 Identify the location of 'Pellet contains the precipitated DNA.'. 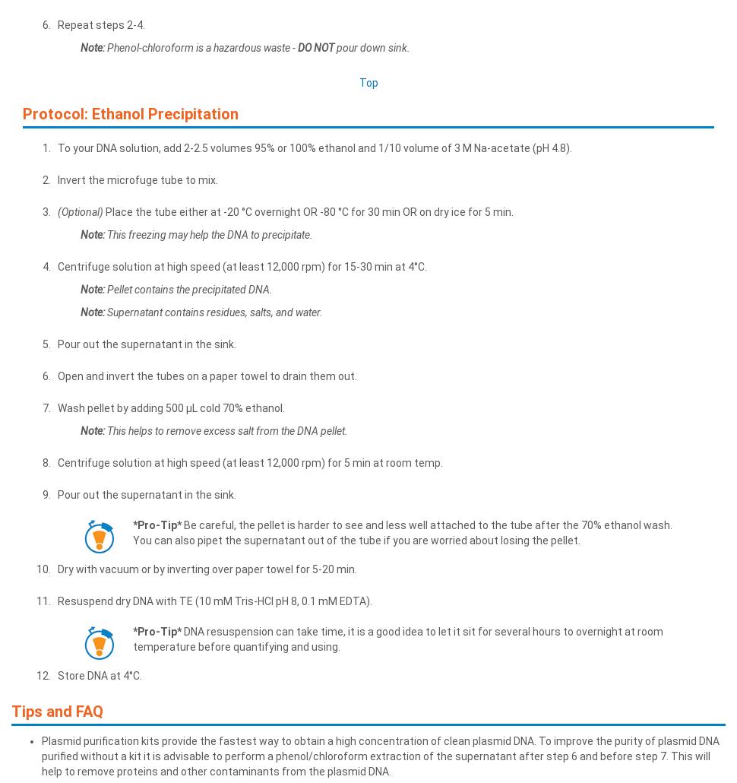
(188, 288).